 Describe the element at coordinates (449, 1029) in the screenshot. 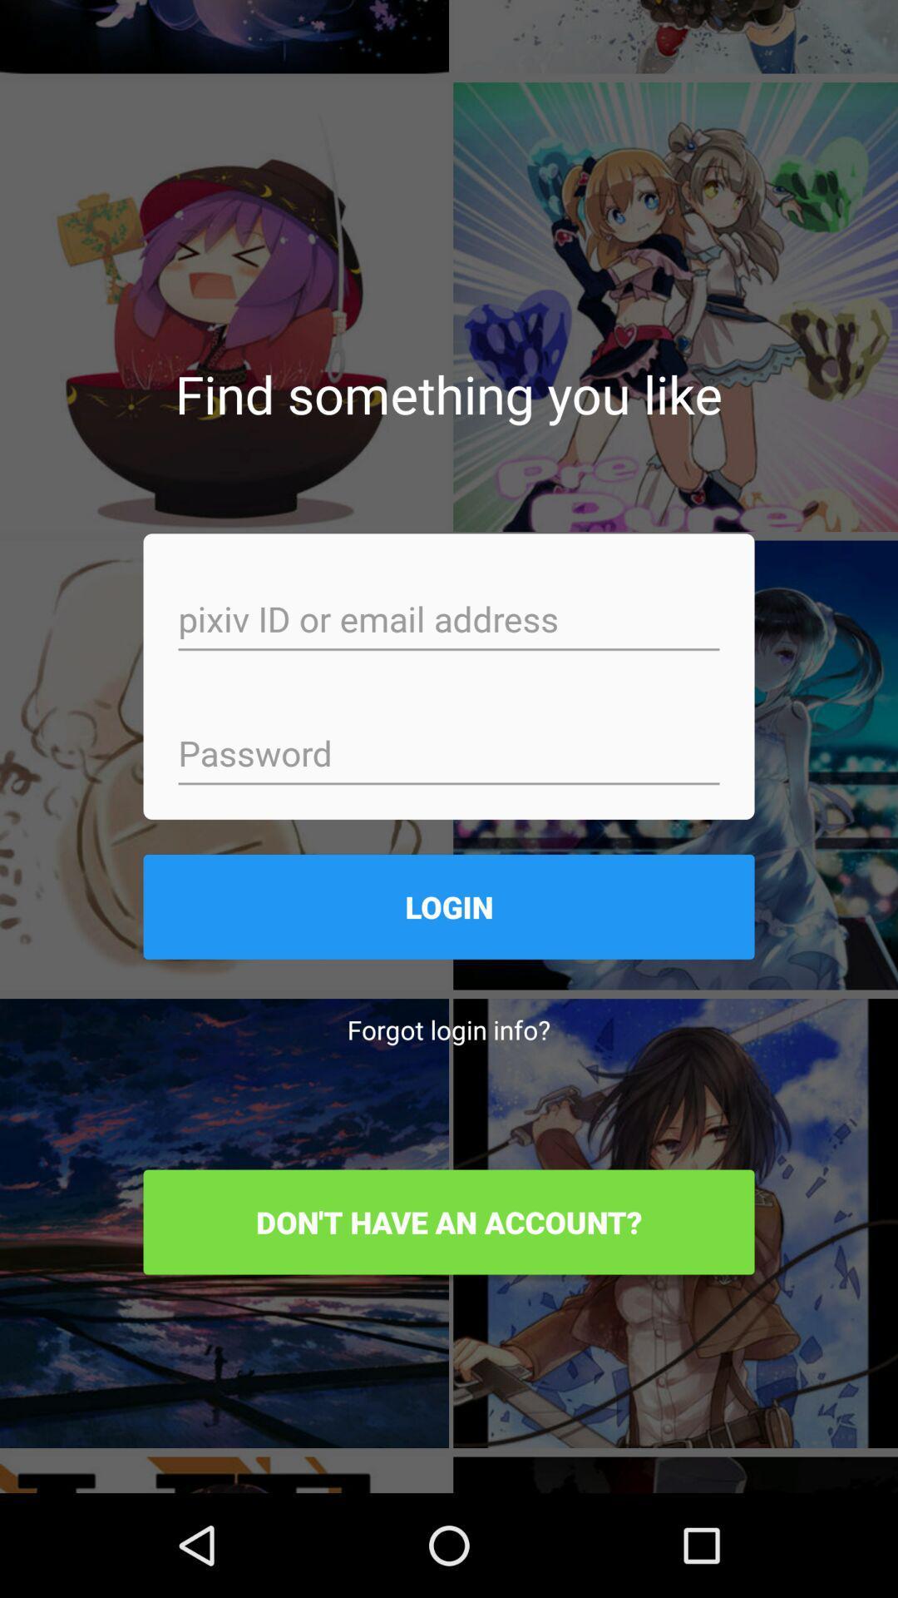

I see `the forgot login info? icon` at that location.